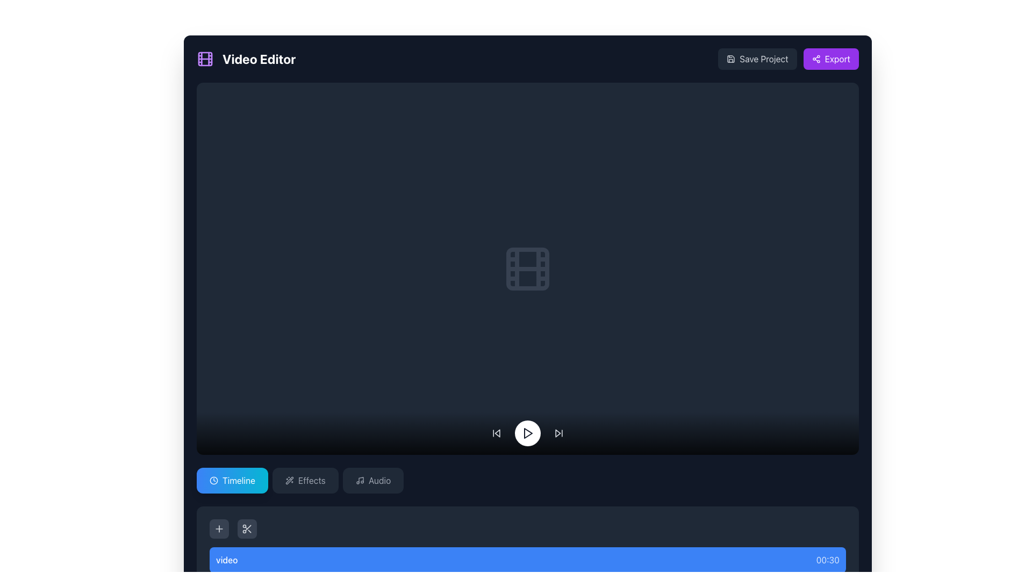 The image size is (1032, 580). What do you see at coordinates (559, 432) in the screenshot?
I see `the skip-forward button located on the horizontal control bar at the bottom of the interface, positioned to the right of the central circular play button` at bounding box center [559, 432].